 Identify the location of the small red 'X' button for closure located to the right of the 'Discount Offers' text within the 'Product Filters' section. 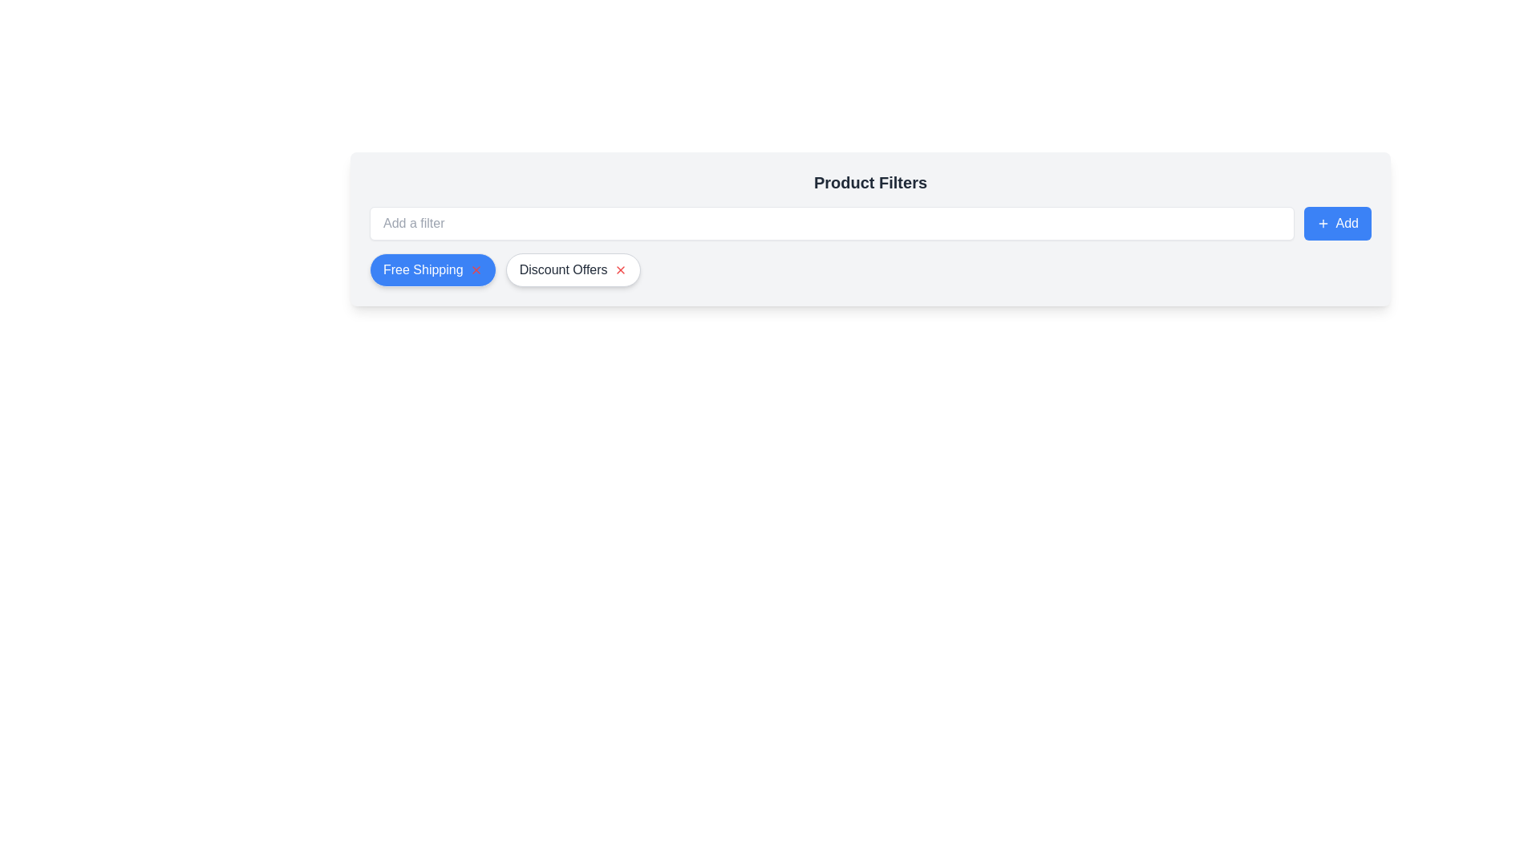
(619, 269).